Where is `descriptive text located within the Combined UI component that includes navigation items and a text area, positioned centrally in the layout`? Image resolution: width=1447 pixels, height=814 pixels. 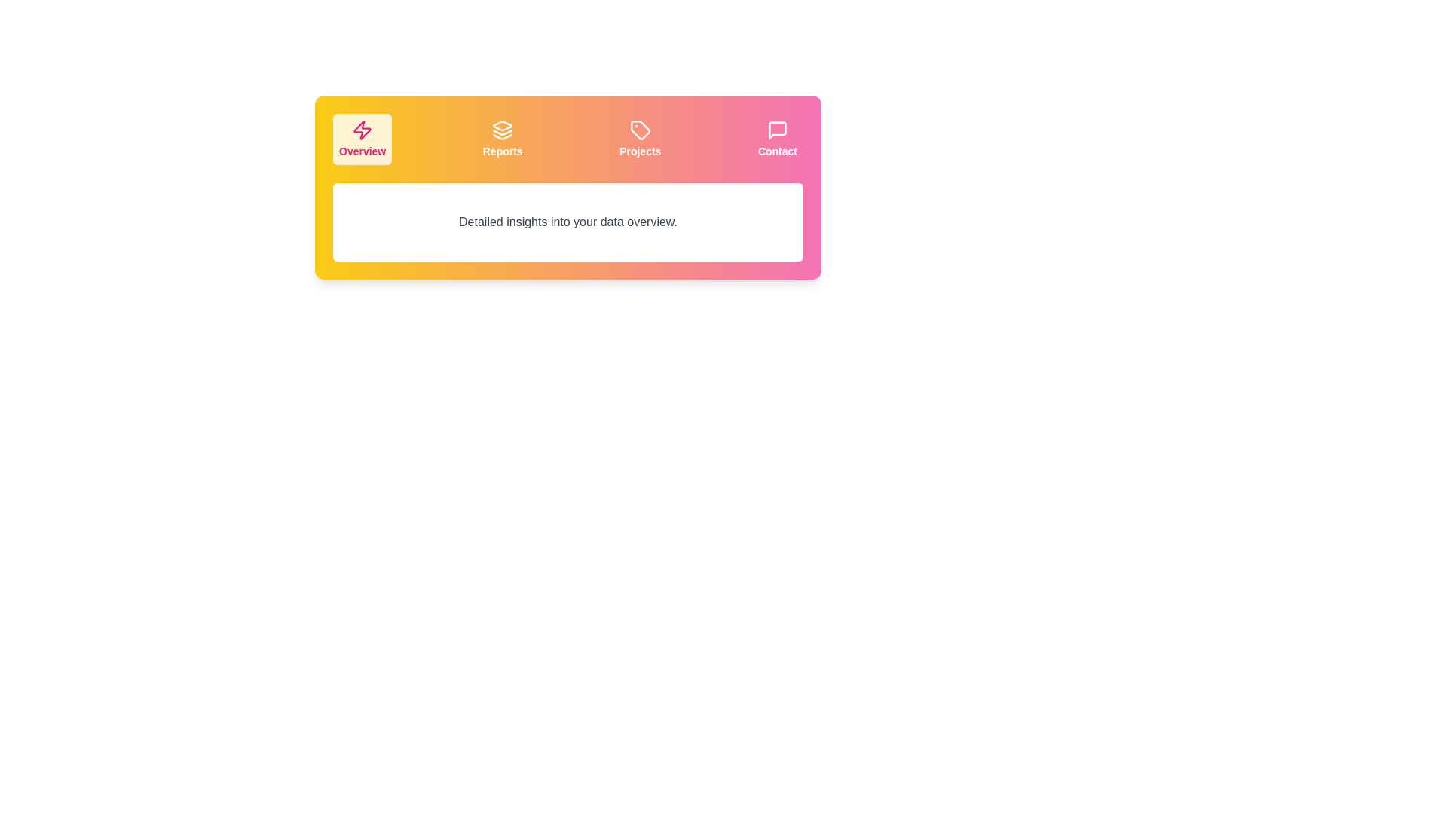 descriptive text located within the Combined UI component that includes navigation items and a text area, positioned centrally in the layout is located at coordinates (567, 187).